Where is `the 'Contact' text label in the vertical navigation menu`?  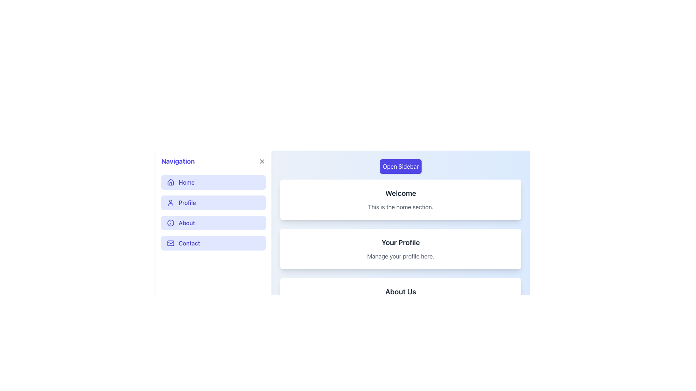
the 'Contact' text label in the vertical navigation menu is located at coordinates (189, 243).